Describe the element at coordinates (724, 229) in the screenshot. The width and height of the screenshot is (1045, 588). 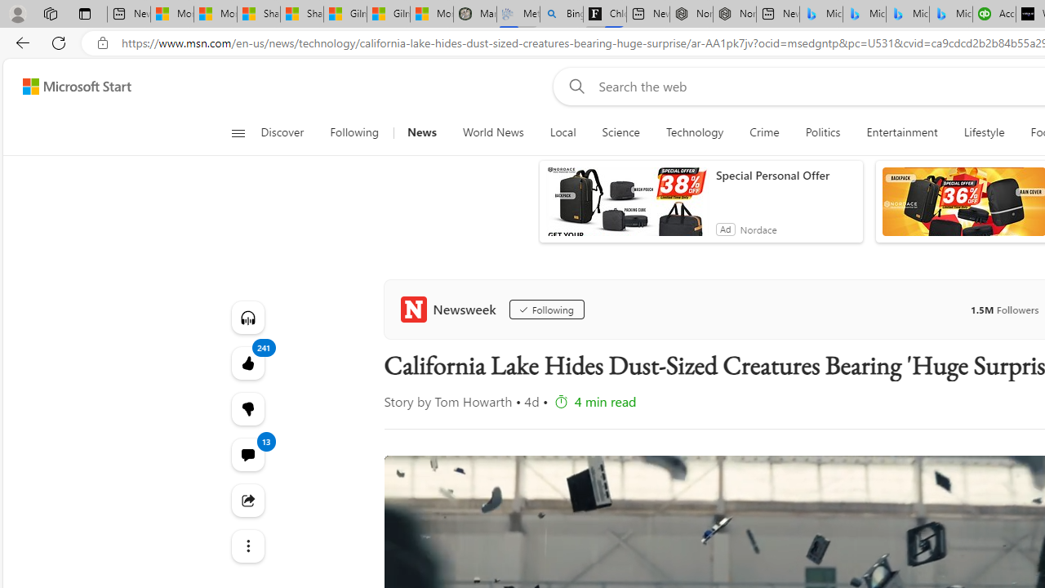
I see `'Ad'` at that location.